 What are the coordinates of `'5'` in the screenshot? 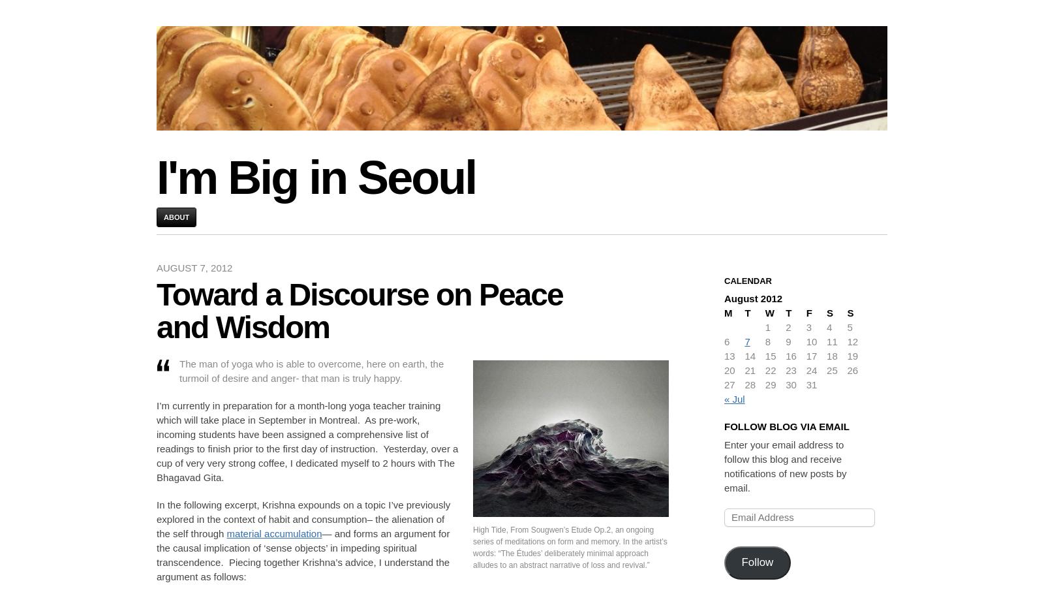 It's located at (848, 327).